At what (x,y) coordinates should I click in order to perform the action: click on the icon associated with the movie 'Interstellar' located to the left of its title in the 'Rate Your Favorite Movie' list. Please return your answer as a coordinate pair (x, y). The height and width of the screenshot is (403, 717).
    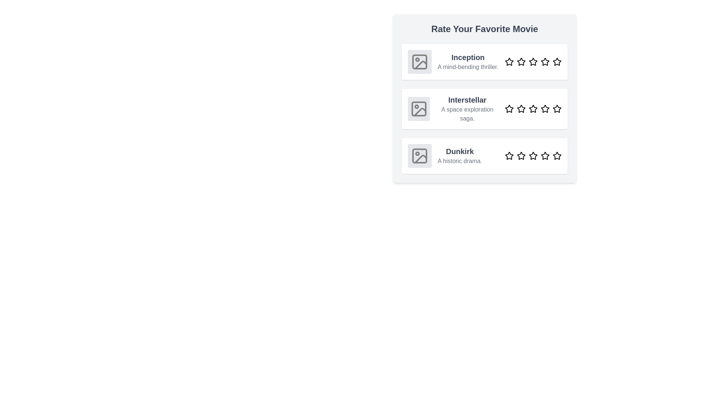
    Looking at the image, I should click on (419, 109).